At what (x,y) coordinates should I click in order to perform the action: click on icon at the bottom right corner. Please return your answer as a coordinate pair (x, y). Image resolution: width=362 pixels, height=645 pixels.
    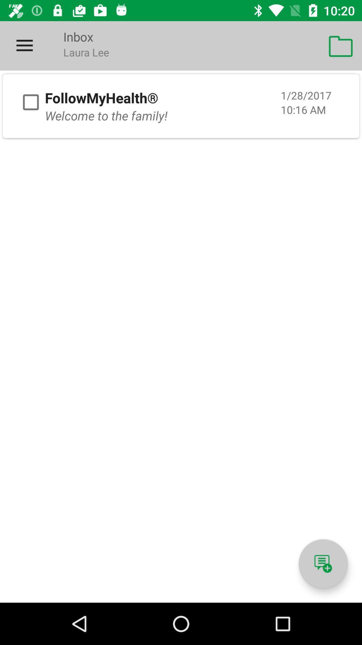
    Looking at the image, I should click on (323, 564).